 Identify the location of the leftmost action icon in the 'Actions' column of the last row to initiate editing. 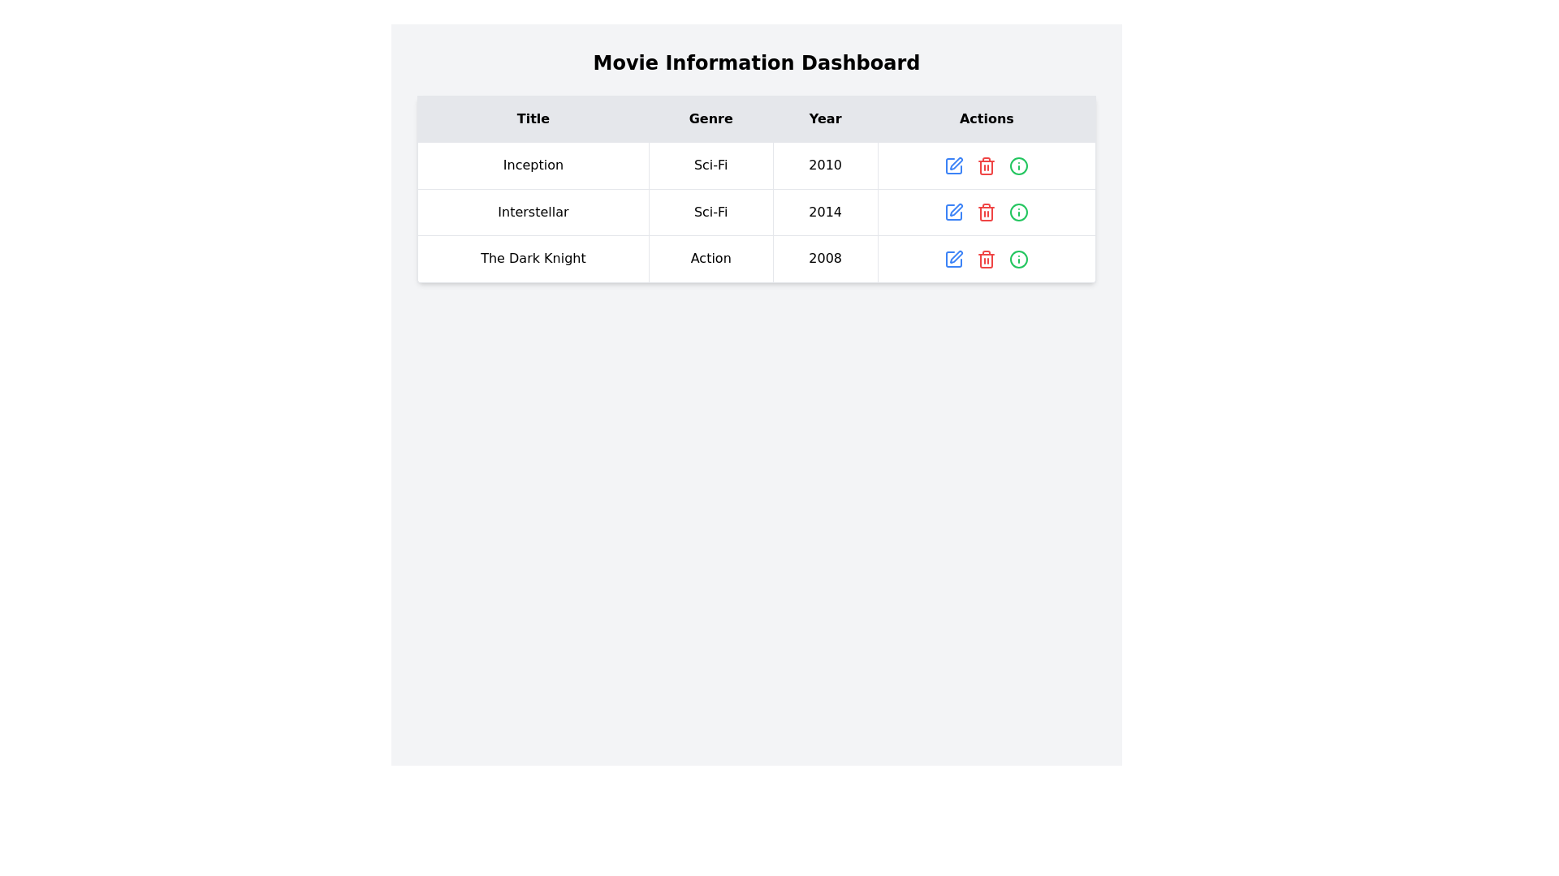
(954, 258).